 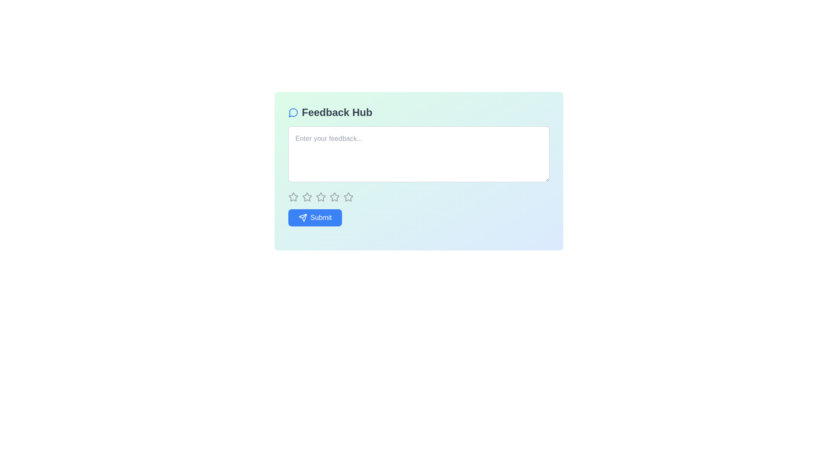 I want to click on the decorative feedback icon representing the 'Feedback Hub' title located to the left of the text label in the header area, so click(x=293, y=112).